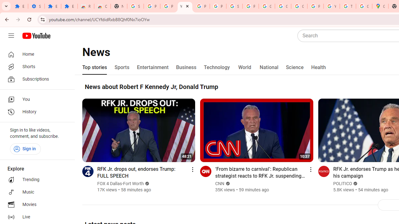 Image resolution: width=399 pixels, height=224 pixels. I want to click on 'Live', so click(35, 217).